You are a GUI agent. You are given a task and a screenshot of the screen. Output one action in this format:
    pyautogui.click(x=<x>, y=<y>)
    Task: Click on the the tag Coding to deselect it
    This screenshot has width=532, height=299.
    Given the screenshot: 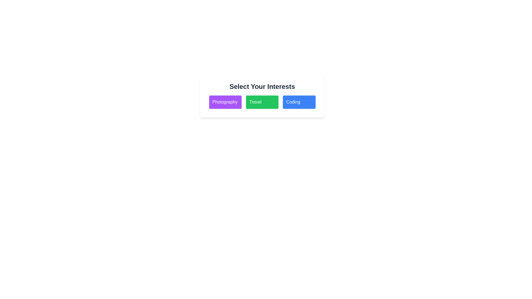 What is the action you would take?
    pyautogui.click(x=299, y=102)
    